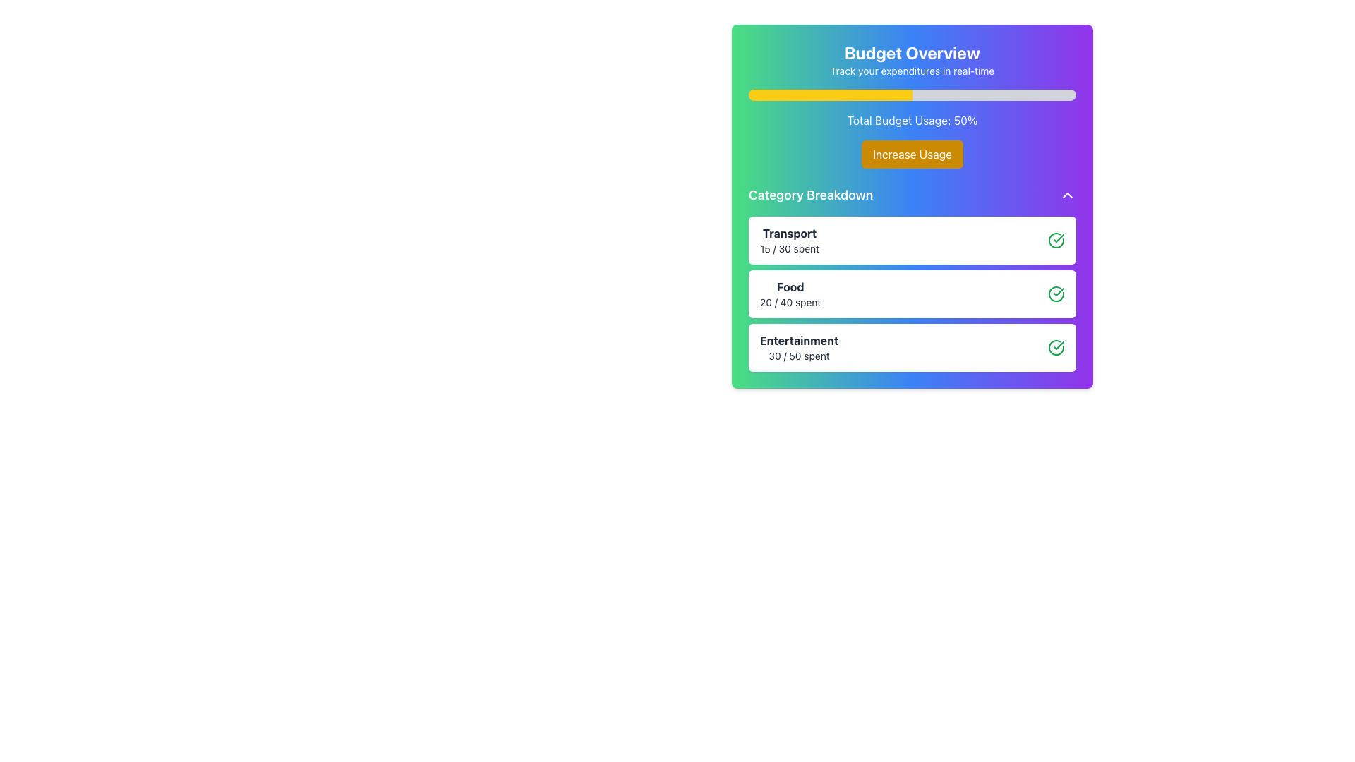 Image resolution: width=1355 pixels, height=762 pixels. I want to click on the Text Display that shows budget information for the 'Food' category, located between the 'Transport' and 'Entertainment' cards in the 'Category Breakdown' section, so click(790, 293).